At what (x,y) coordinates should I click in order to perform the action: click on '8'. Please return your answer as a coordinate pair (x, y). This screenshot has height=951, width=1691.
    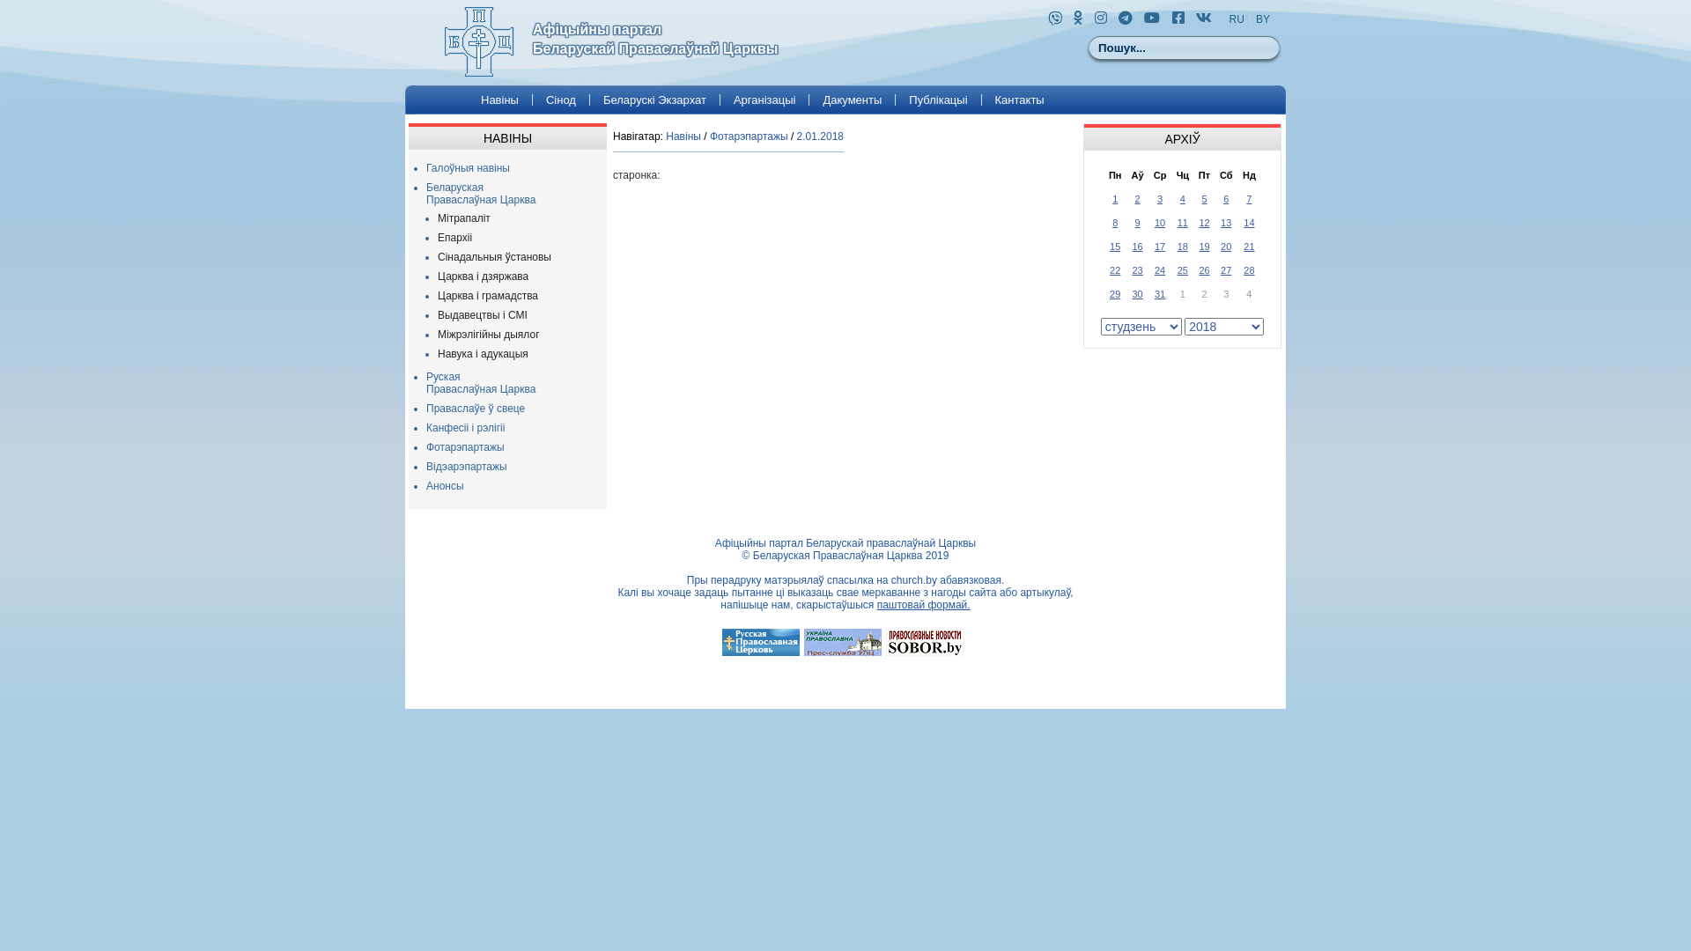
    Looking at the image, I should click on (1114, 220).